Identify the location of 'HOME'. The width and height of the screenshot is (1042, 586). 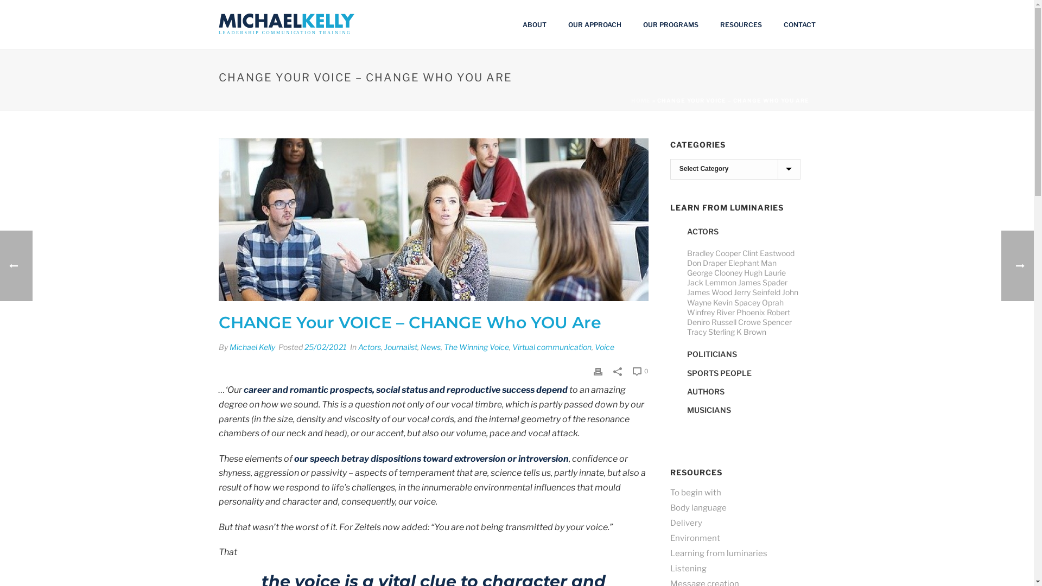
(640, 100).